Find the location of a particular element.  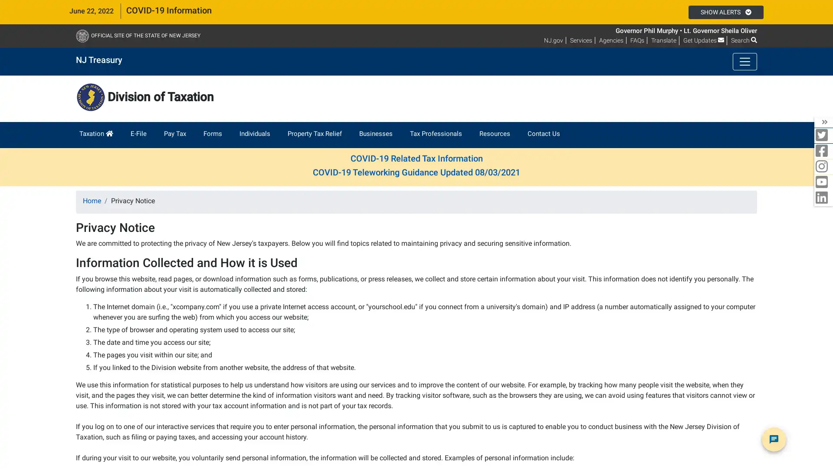

Get Updates is located at coordinates (704, 40).